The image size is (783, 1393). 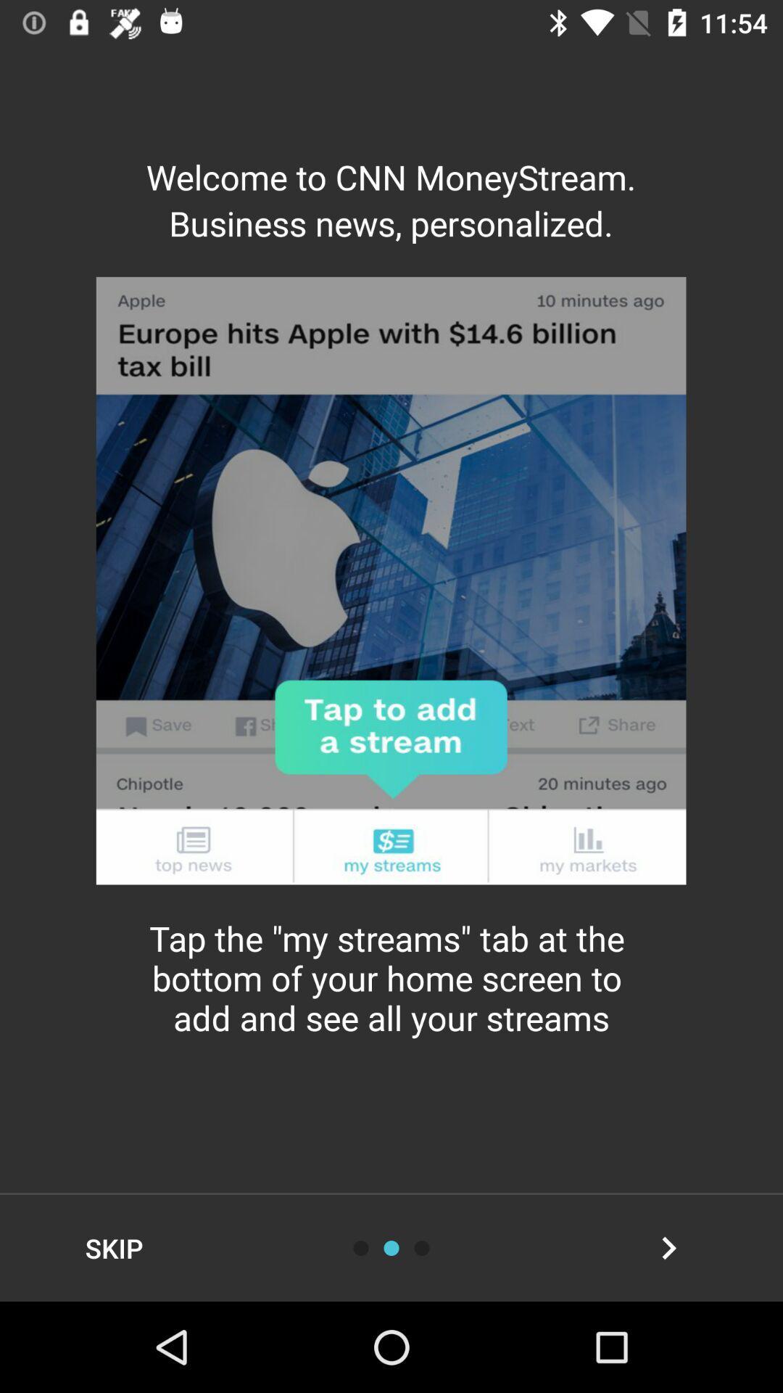 What do you see at coordinates (668, 1247) in the screenshot?
I see `next screen` at bounding box center [668, 1247].